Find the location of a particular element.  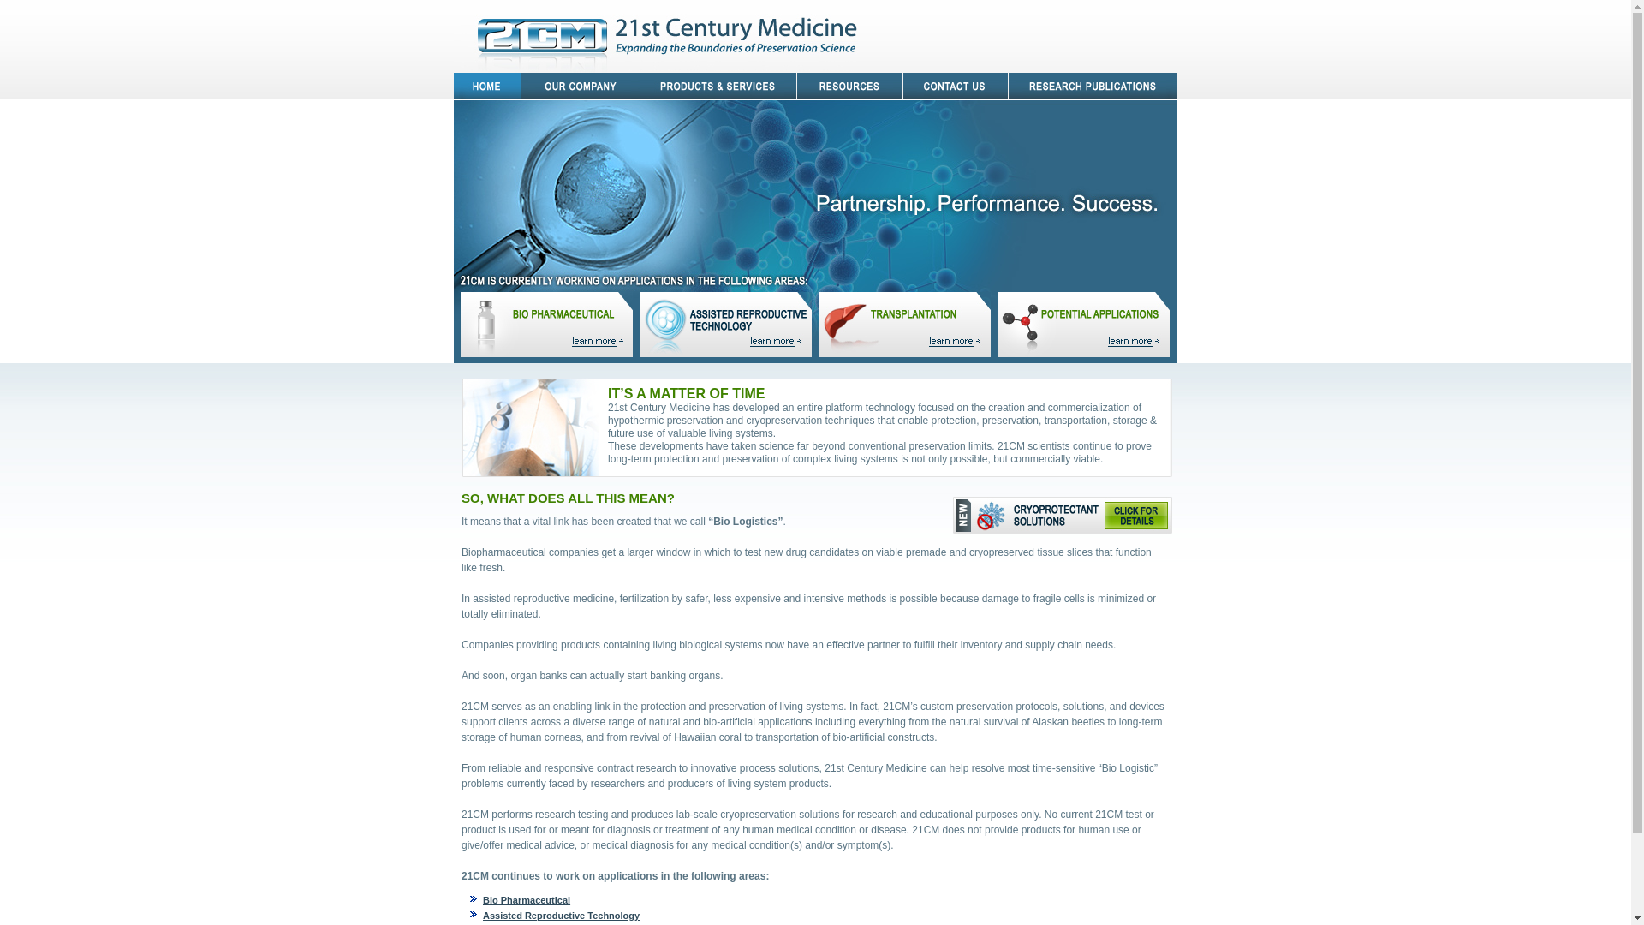

'Our Company' is located at coordinates (521, 86).